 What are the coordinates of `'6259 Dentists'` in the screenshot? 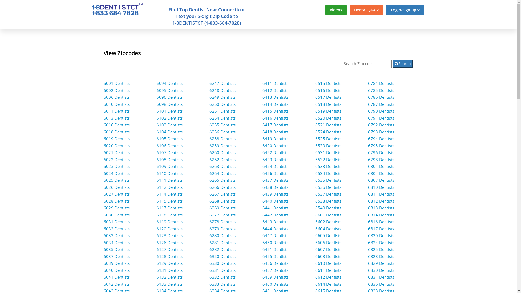 It's located at (223, 145).